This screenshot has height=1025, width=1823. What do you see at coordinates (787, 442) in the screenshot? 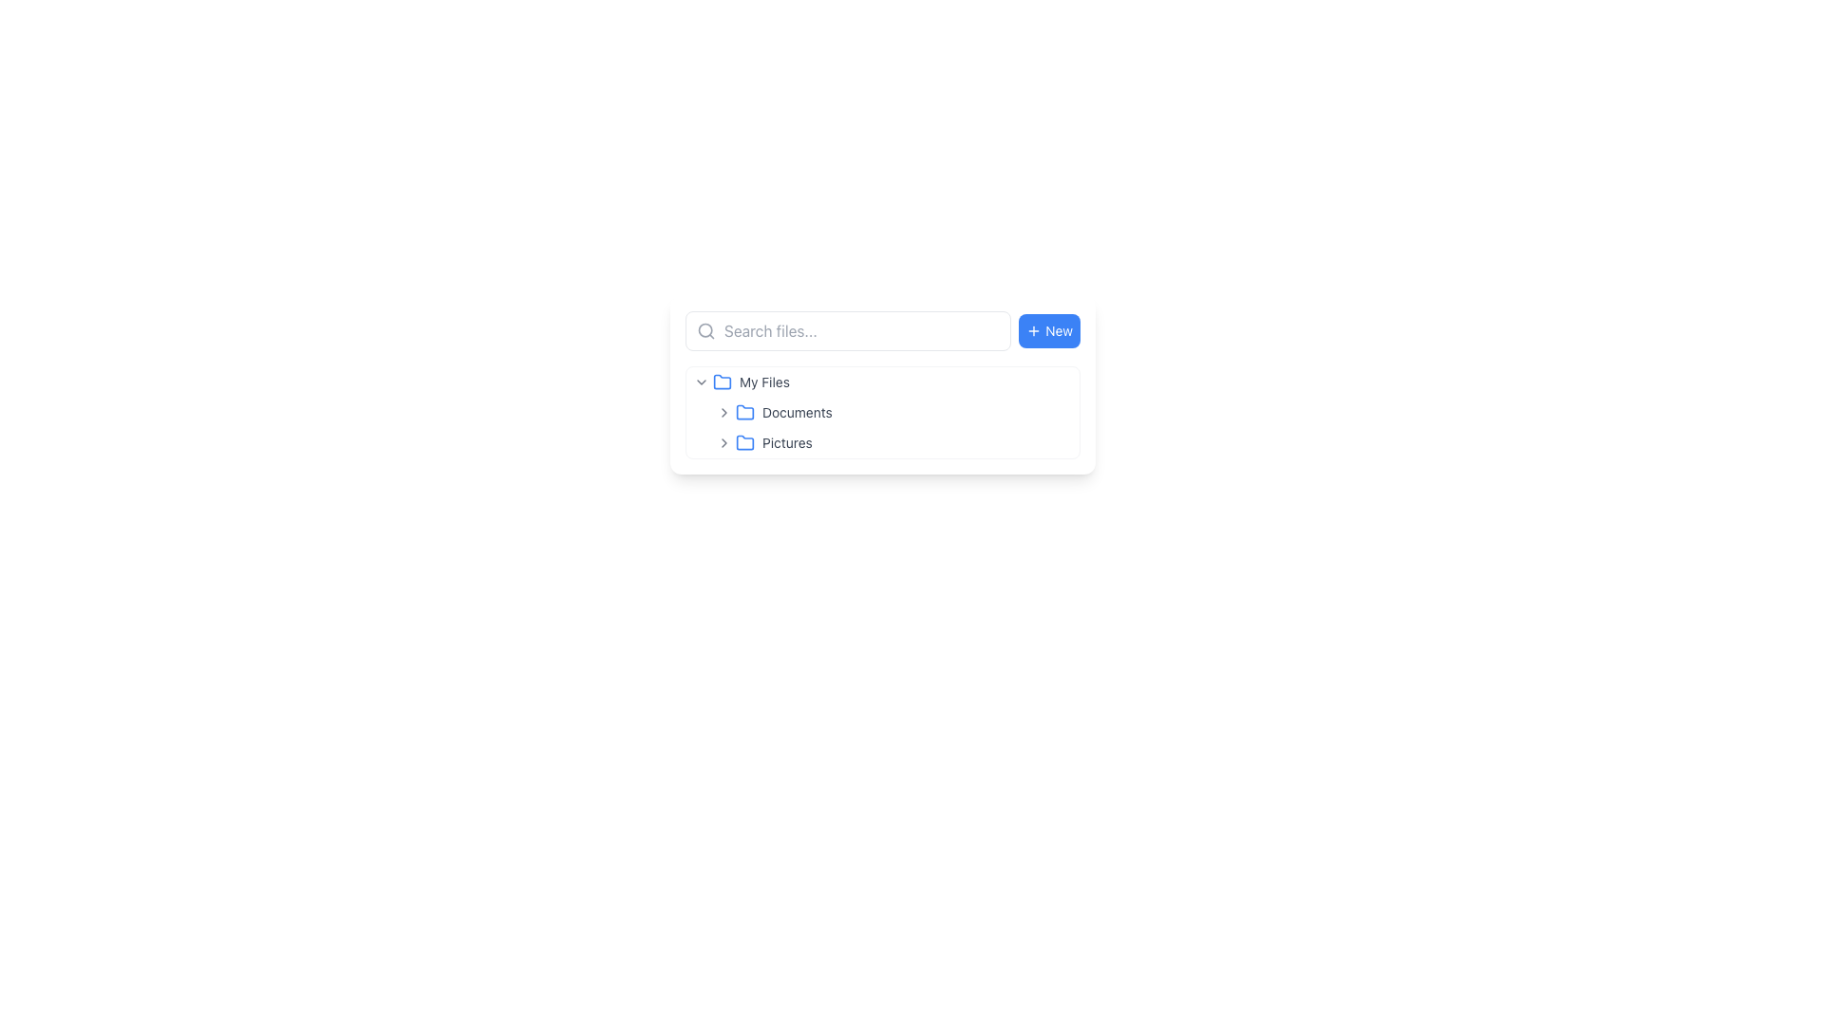
I see `the text label indicating the name of a folder, located in the 'My Files' section, to the right of the blue folder icon, which is the third item in the list` at bounding box center [787, 442].